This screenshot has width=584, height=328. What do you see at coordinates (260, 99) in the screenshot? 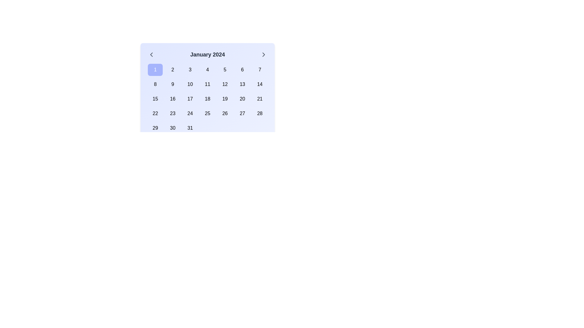
I see `the button labeled '21' located in the last column of the third week of the calendar grid` at bounding box center [260, 99].